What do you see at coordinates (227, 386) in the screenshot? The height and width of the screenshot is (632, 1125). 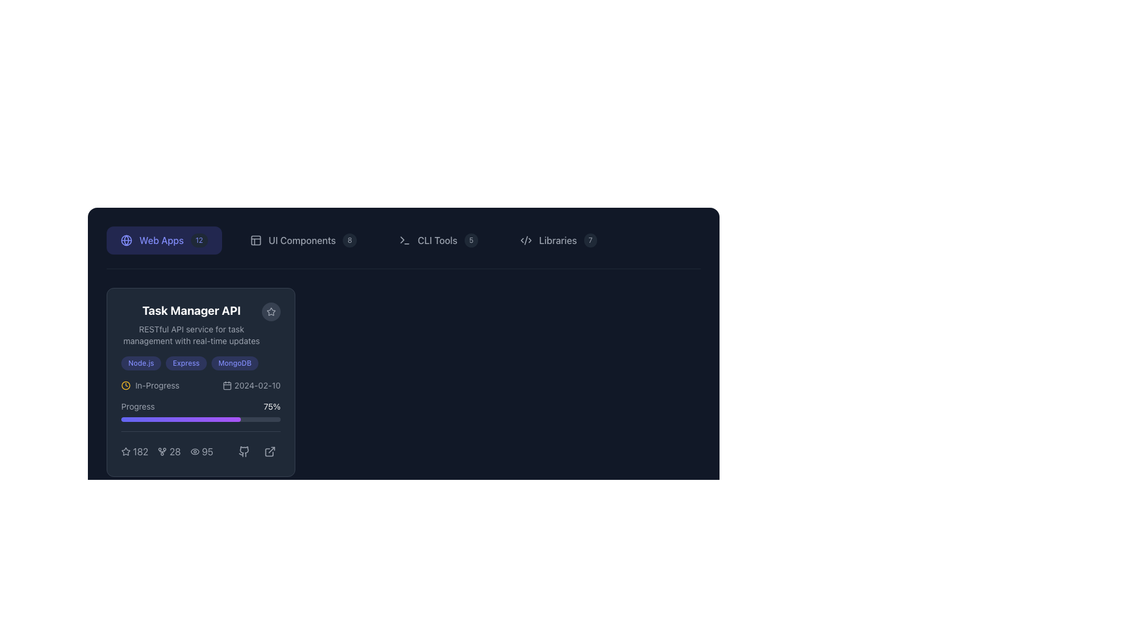 I see `the calendar-like graphic icon located in the top-right area of the task details card` at bounding box center [227, 386].